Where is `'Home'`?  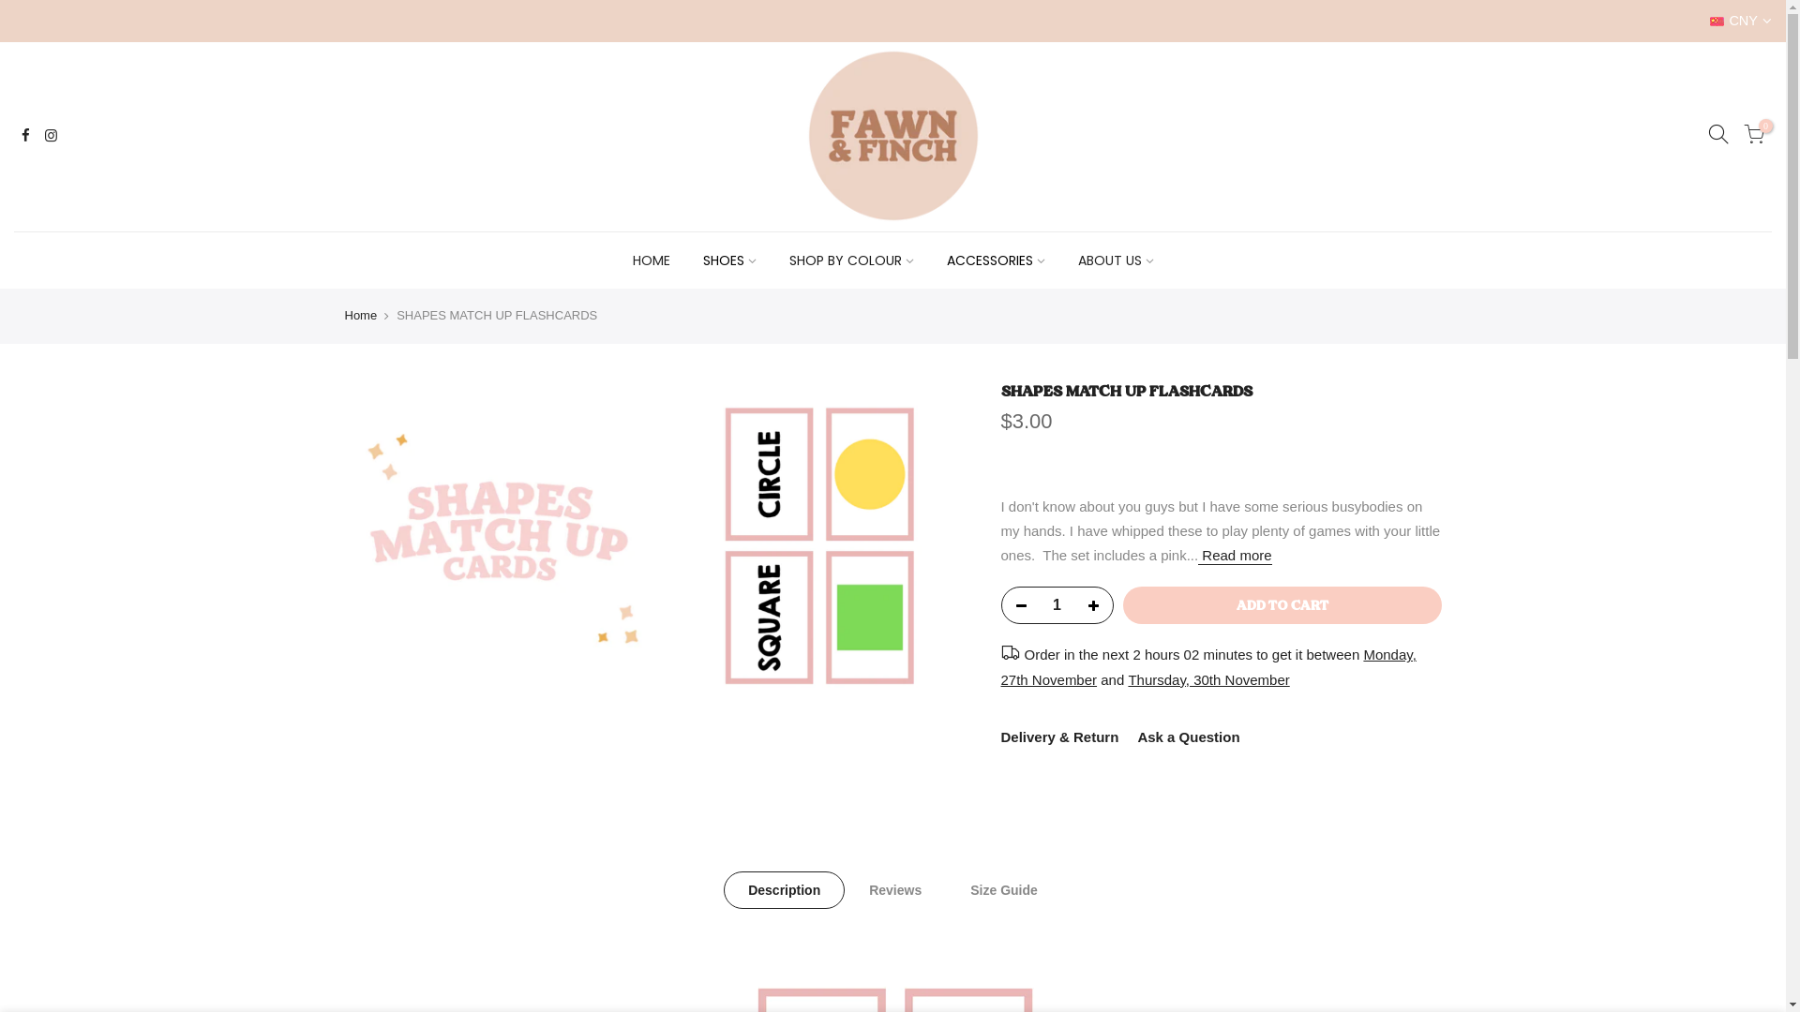
'Home' is located at coordinates (345, 314).